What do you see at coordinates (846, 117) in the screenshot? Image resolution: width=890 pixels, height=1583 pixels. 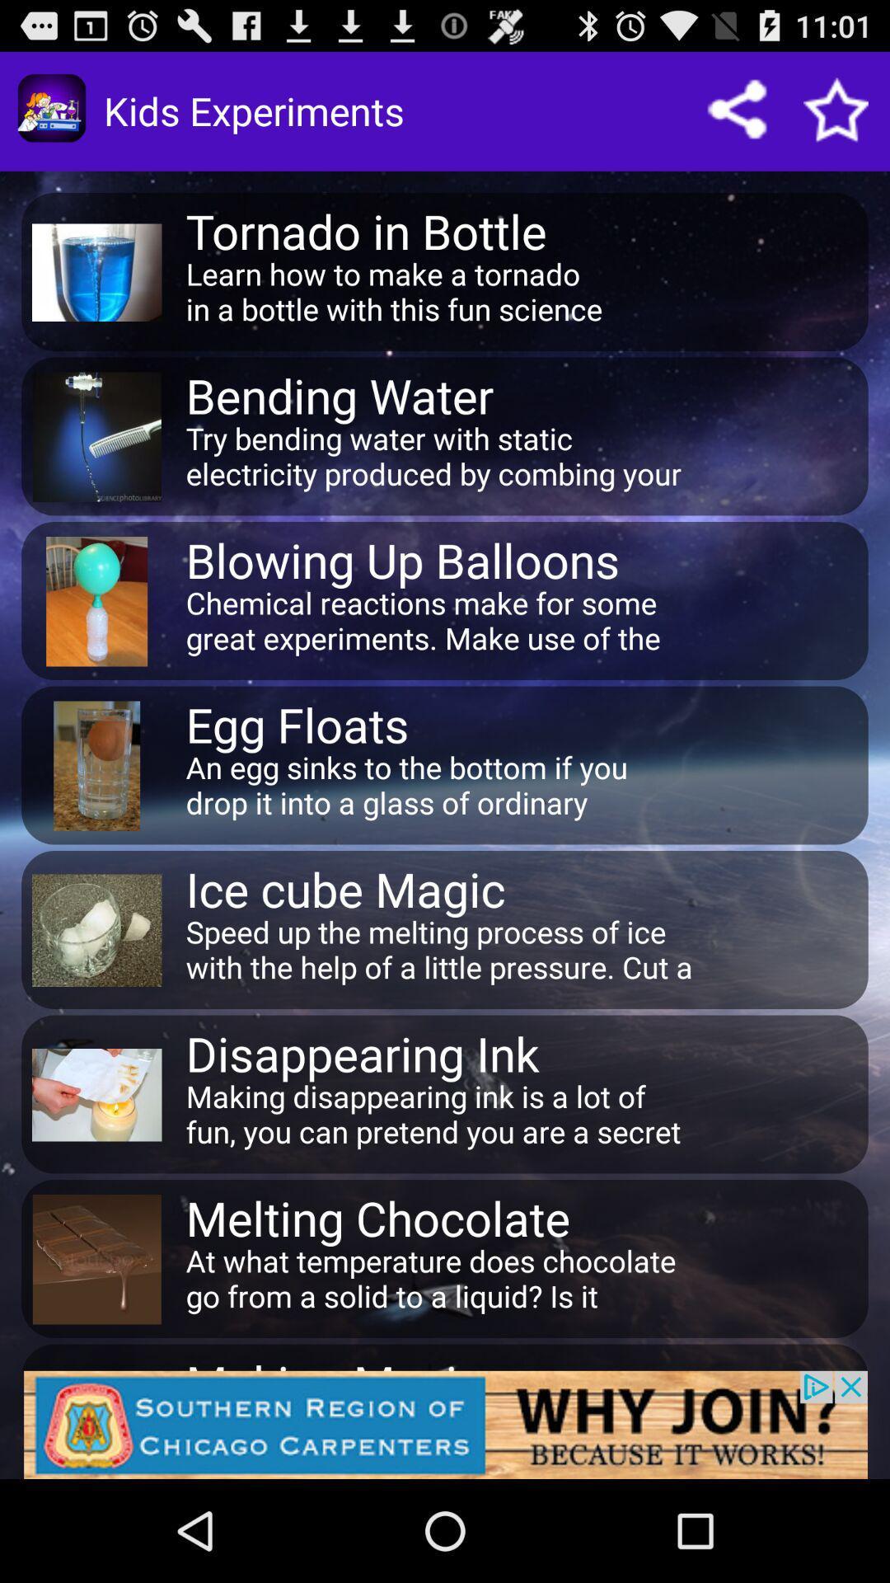 I see `the star icon` at bounding box center [846, 117].